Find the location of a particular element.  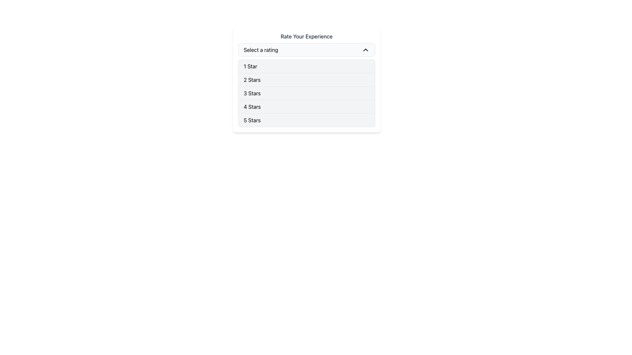

the currently-selected value indicator in the dropdown menu titled 'Rate Your Experience' to focus the dropdown menu is located at coordinates (260, 49).